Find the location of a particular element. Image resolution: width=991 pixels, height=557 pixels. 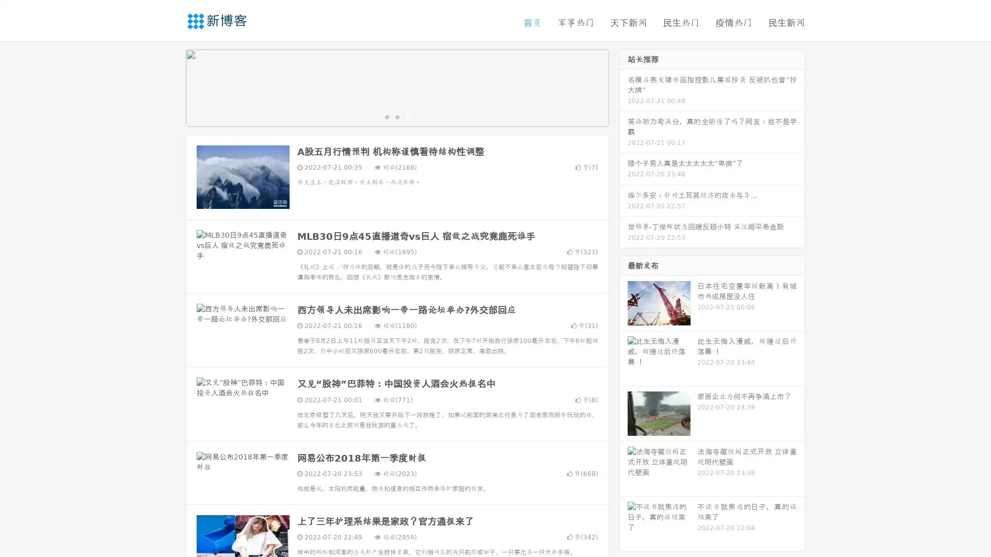

Previous slide is located at coordinates (170, 87).